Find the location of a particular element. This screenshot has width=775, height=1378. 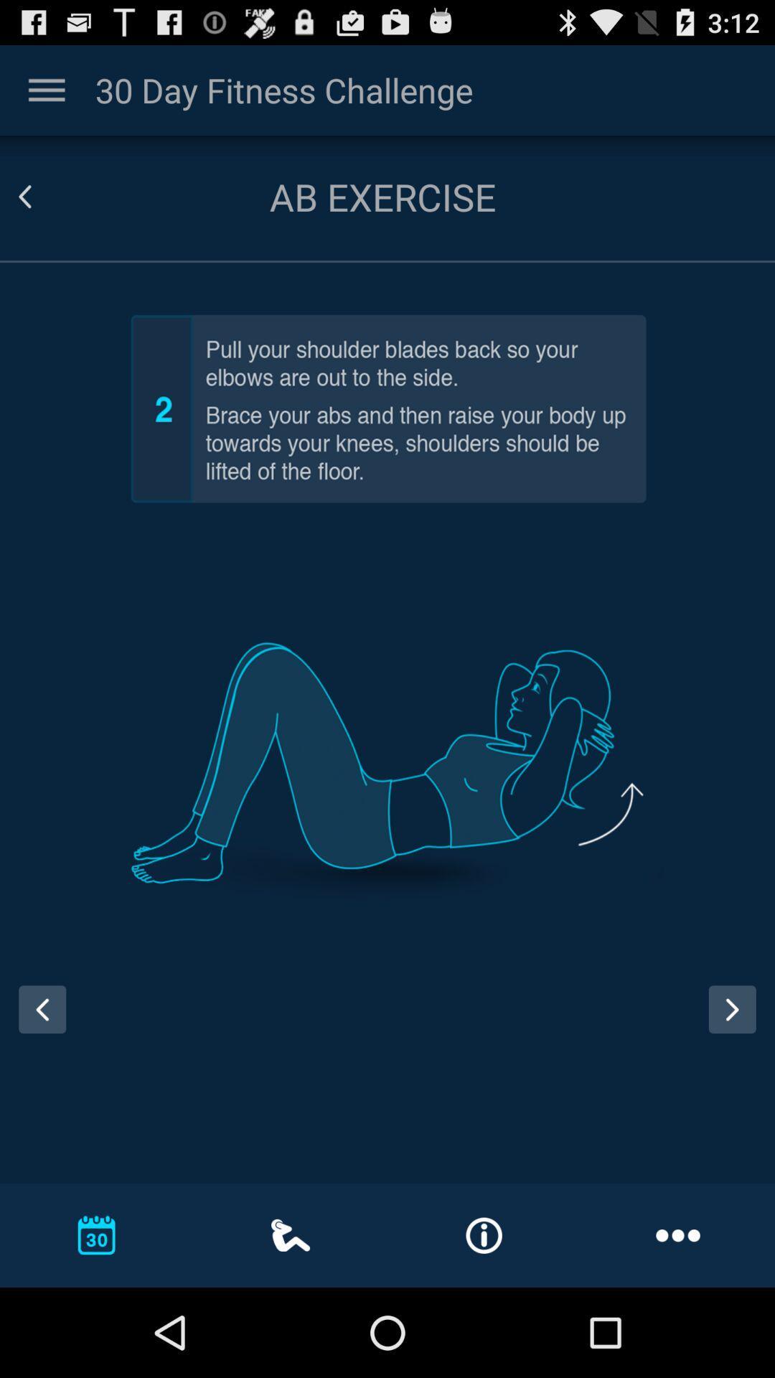

the arrow_backward icon is located at coordinates (42, 1080).